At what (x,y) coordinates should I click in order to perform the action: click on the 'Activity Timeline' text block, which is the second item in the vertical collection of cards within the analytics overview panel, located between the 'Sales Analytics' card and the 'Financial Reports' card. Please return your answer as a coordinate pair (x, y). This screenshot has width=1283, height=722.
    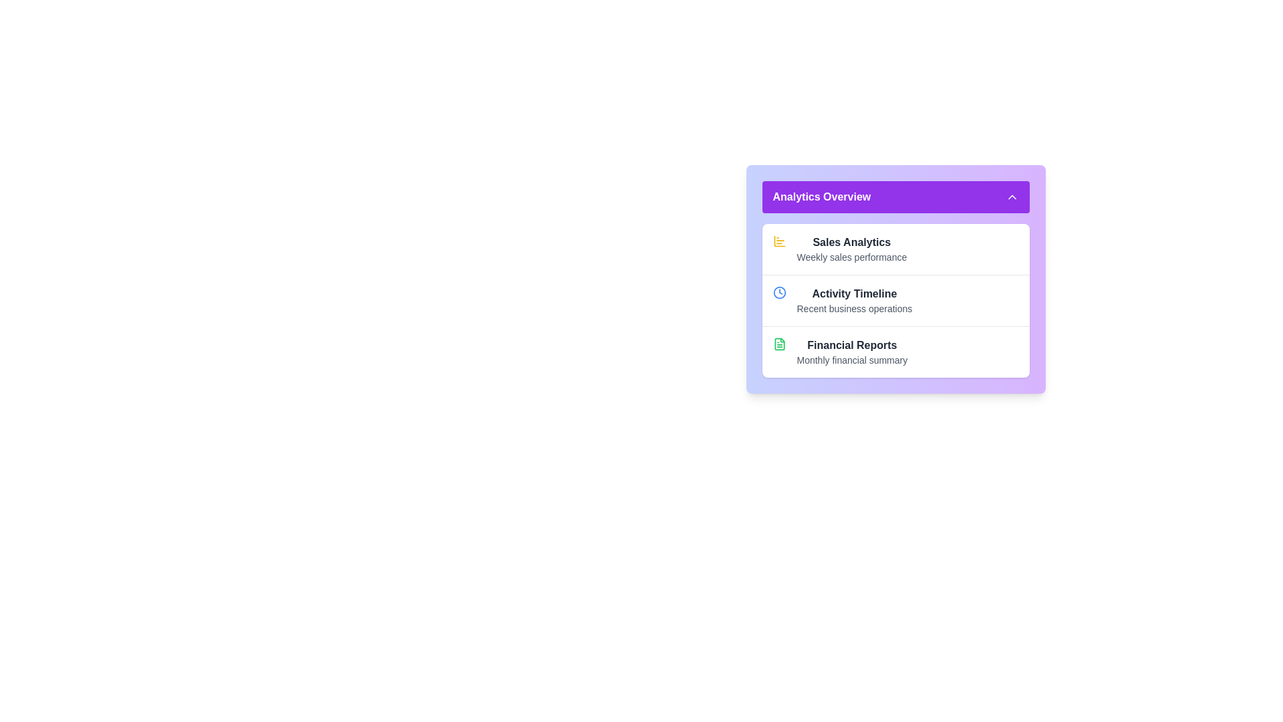
    Looking at the image, I should click on (853, 301).